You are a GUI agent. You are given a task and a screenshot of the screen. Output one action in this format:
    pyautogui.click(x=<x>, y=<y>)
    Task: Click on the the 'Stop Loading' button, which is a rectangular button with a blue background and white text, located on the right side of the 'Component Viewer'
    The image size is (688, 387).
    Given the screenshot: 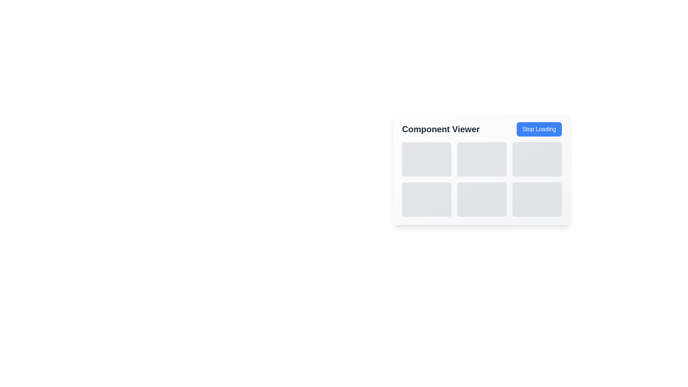 What is the action you would take?
    pyautogui.click(x=539, y=129)
    